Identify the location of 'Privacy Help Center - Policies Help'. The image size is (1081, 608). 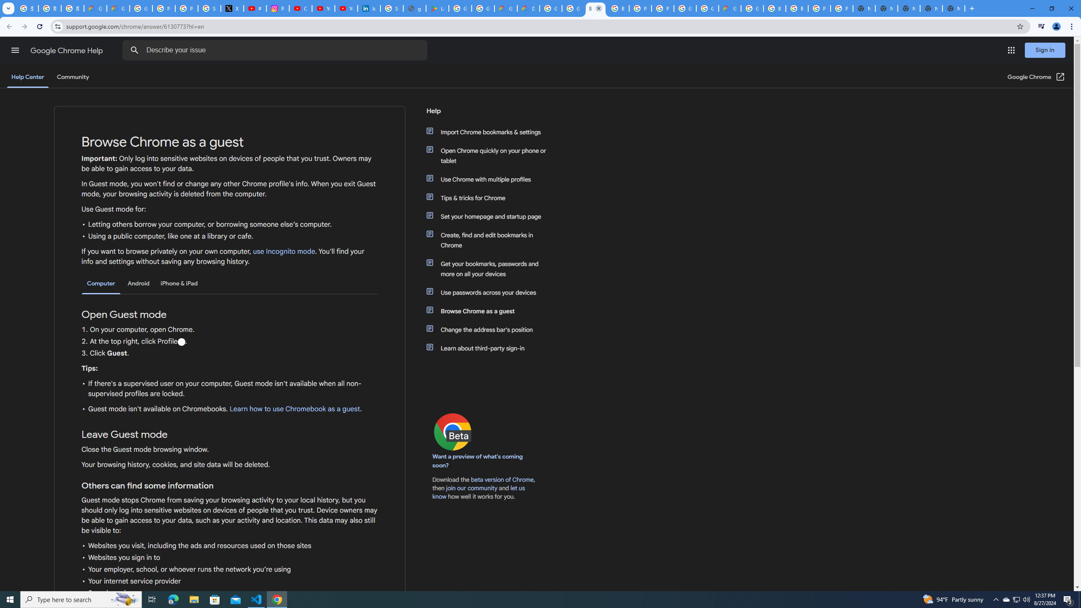
(186, 8).